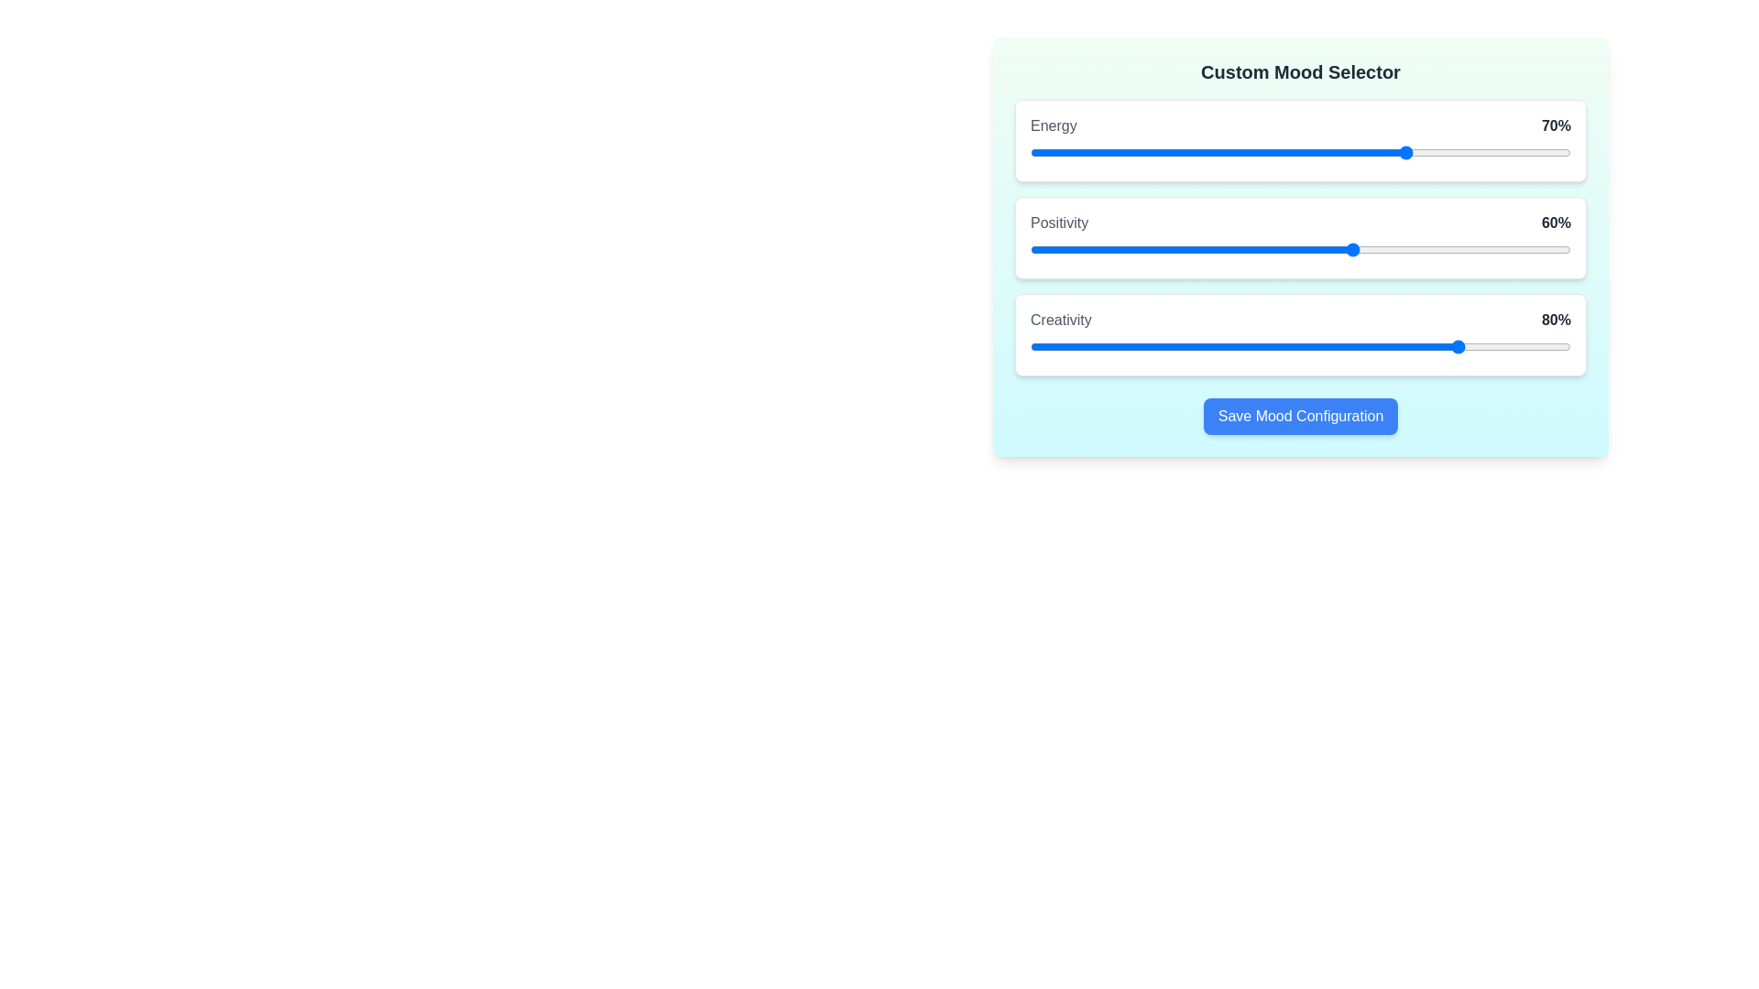 Image resolution: width=1759 pixels, height=989 pixels. Describe the element at coordinates (1565, 250) in the screenshot. I see `the 1 slider to 99%` at that location.